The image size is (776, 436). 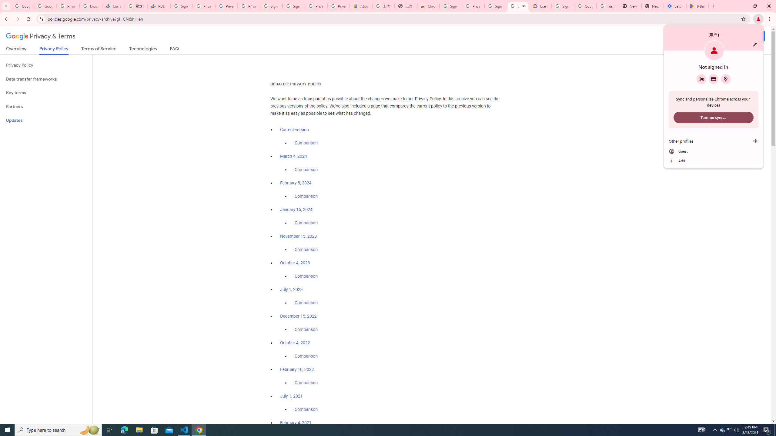 What do you see at coordinates (159, 6) in the screenshot?
I see `'PDD Holdings Inc - ADR (PDD) Price & News - Google Finance'` at bounding box center [159, 6].